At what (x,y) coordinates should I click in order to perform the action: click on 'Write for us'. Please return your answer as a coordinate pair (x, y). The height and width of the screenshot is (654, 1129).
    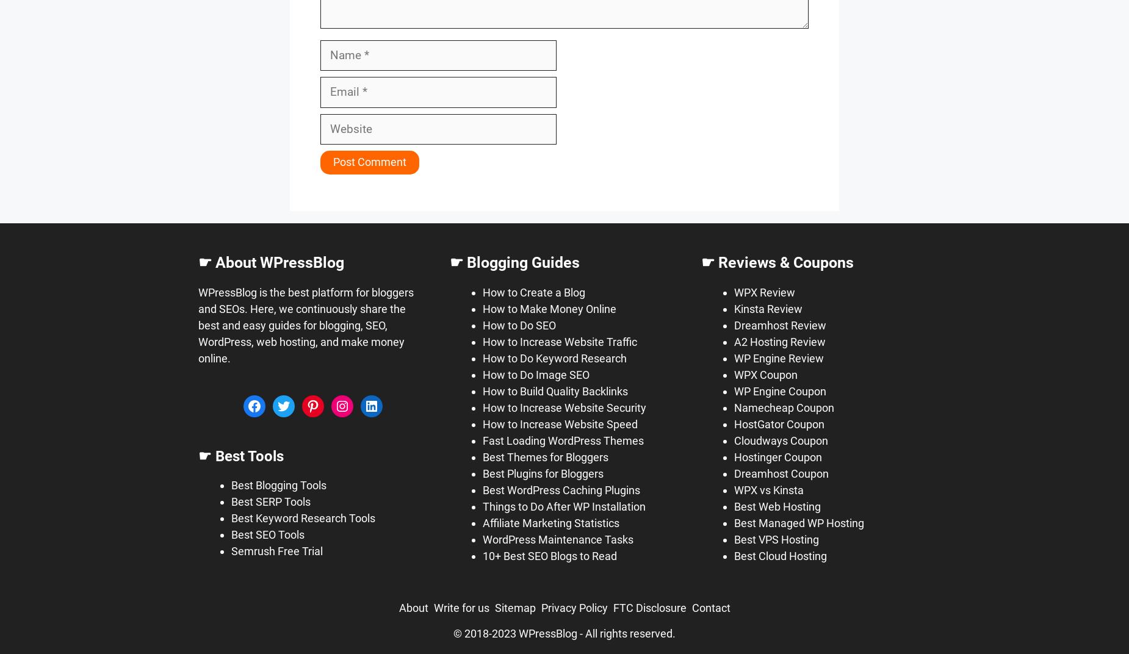
    Looking at the image, I should click on (433, 607).